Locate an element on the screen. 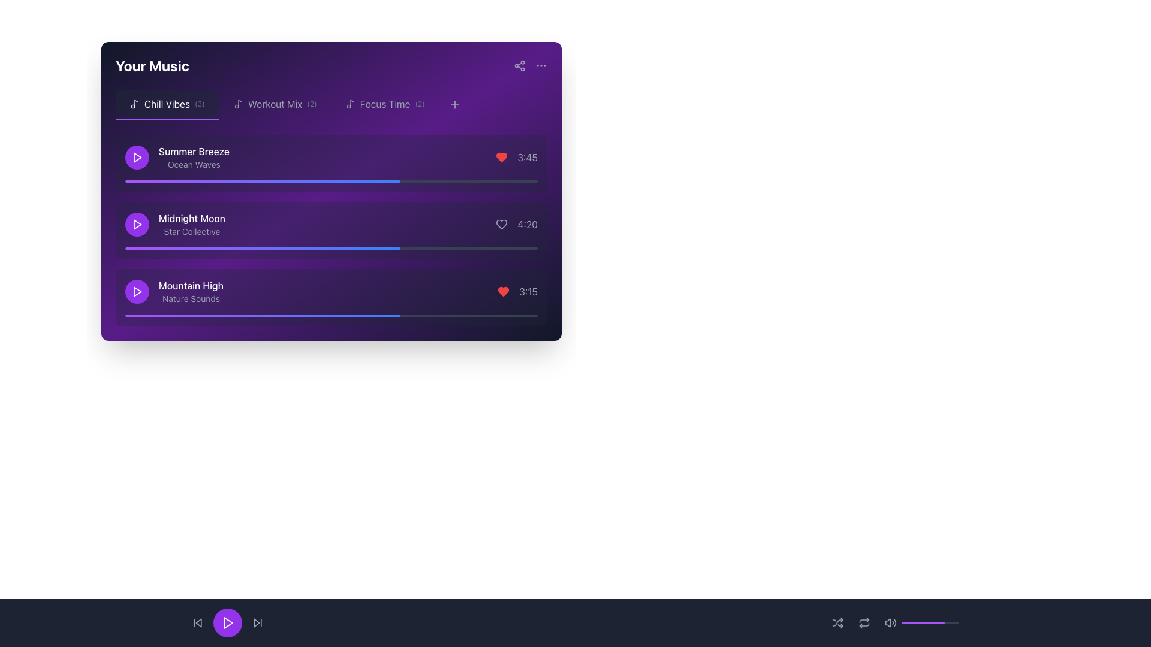  the progress indicator representing the track 'Midnight Moon' within the progress bar is located at coordinates (261, 248).